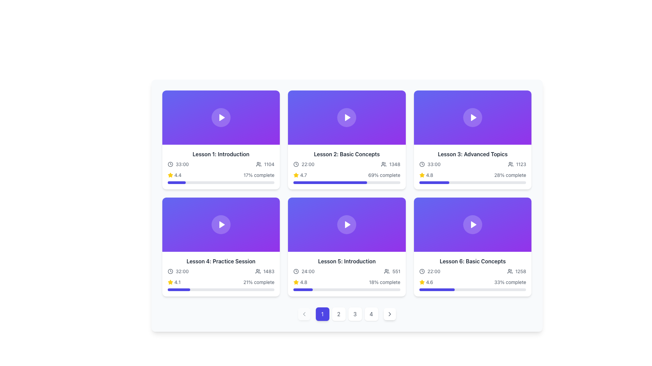 The width and height of the screenshot is (652, 366). What do you see at coordinates (426, 175) in the screenshot?
I see `the yellow star icon of the Rating indicator displaying '4.8' to judge content quality in the bottom-right section of the card labeled 'Lesson 3: Advanced Topics'` at bounding box center [426, 175].